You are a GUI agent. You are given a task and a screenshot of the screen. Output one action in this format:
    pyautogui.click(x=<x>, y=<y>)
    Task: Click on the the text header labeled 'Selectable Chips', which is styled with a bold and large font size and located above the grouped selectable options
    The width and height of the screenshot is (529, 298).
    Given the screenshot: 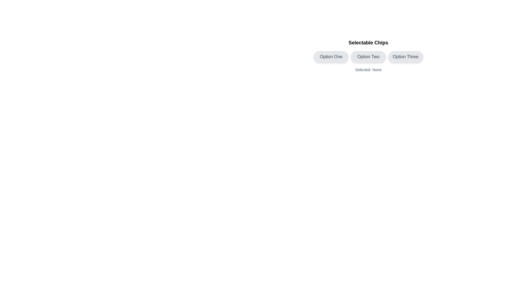 What is the action you would take?
    pyautogui.click(x=368, y=42)
    